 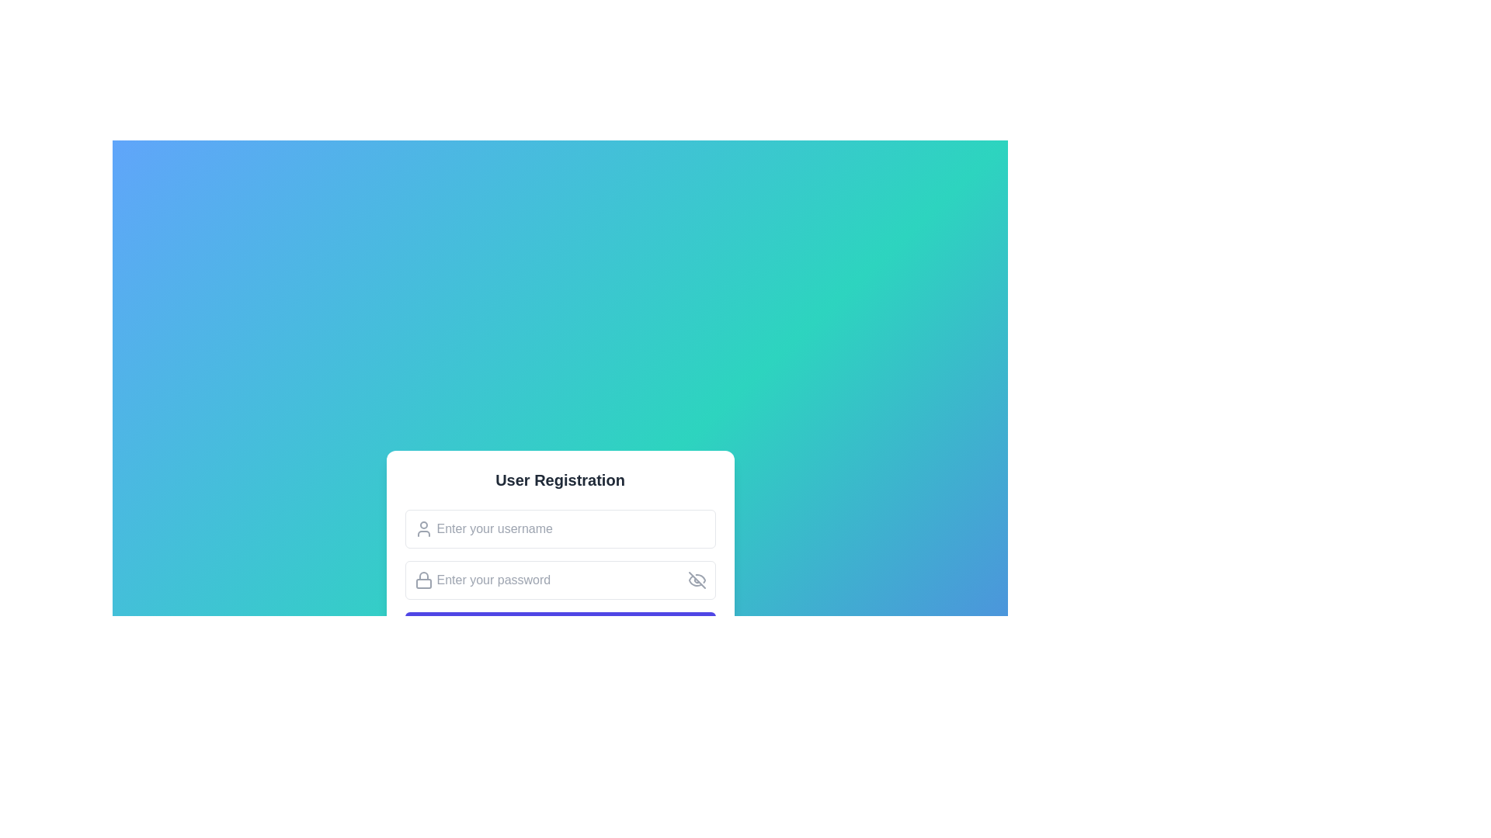 I want to click on the username icon located inside the username input field on the registration form, positioned towards the left edge, so click(x=423, y=528).